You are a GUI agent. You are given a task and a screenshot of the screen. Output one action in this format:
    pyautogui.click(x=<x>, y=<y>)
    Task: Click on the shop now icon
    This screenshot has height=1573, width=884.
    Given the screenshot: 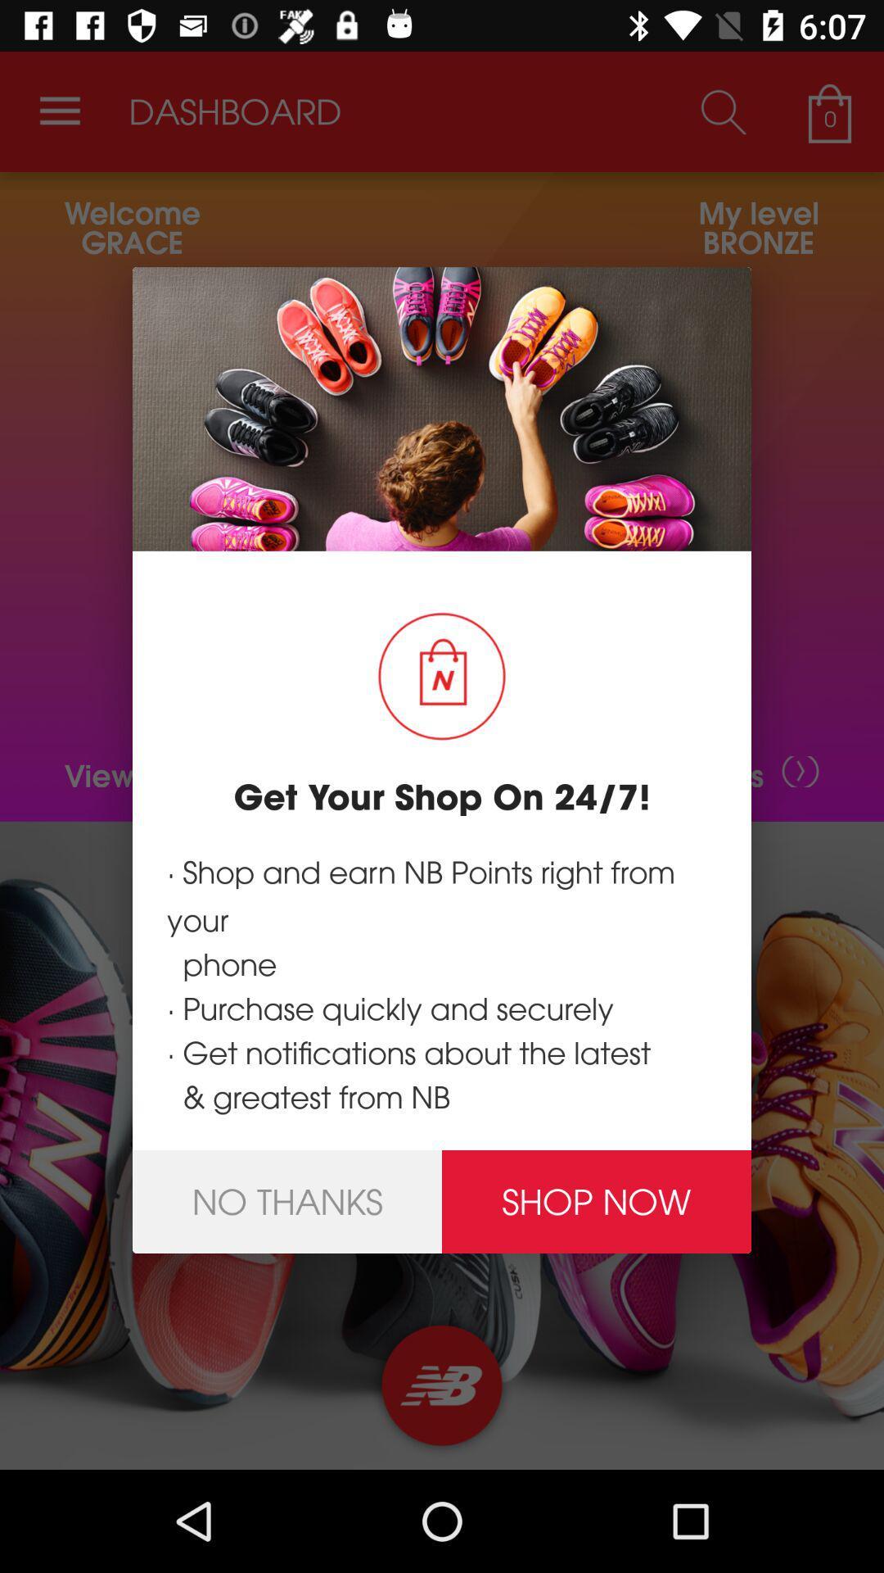 What is the action you would take?
    pyautogui.click(x=597, y=1202)
    